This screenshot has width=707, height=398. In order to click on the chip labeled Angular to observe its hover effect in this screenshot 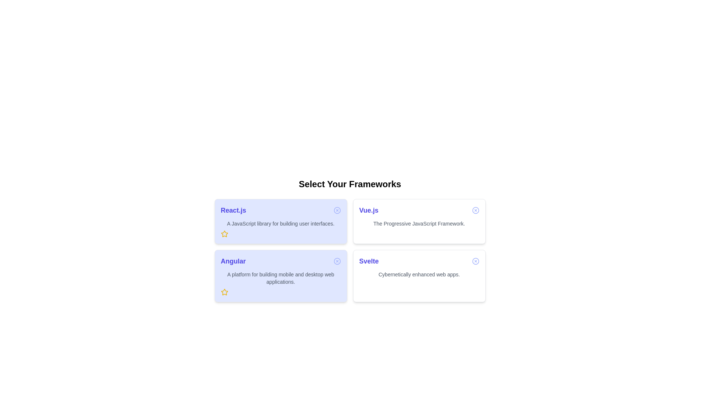, I will do `click(280, 276)`.